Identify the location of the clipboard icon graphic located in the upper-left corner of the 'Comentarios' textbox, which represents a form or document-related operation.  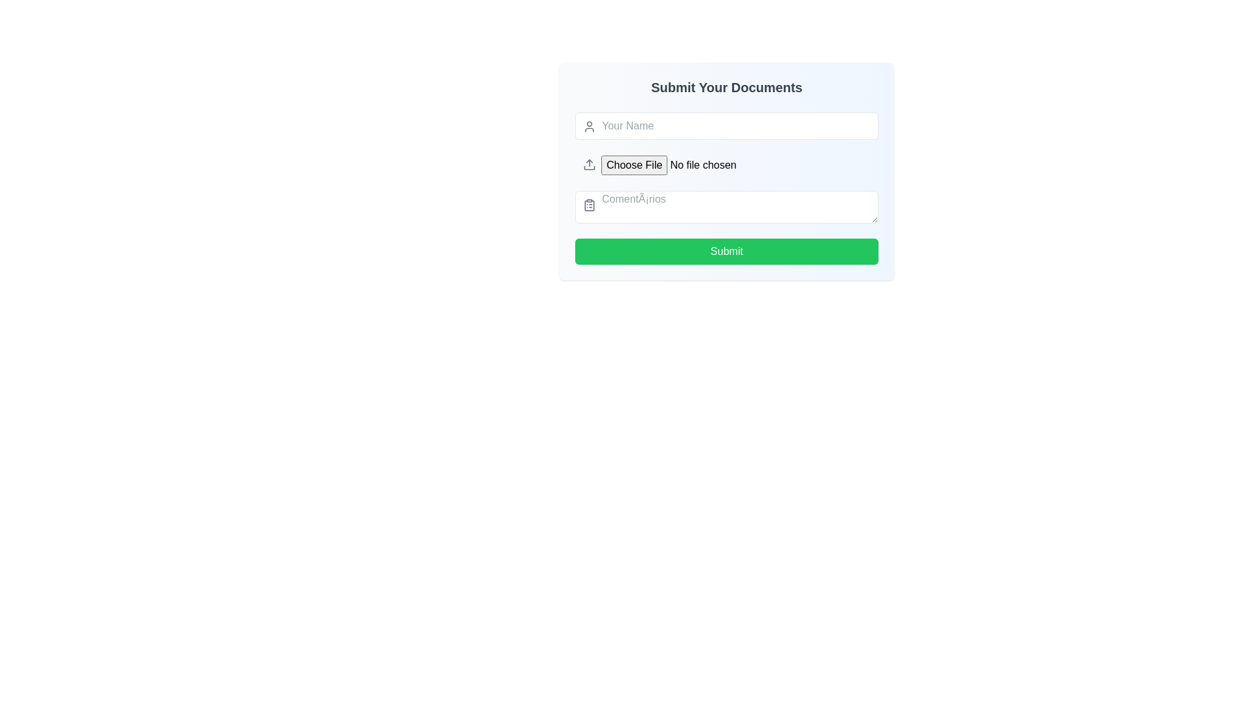
(589, 205).